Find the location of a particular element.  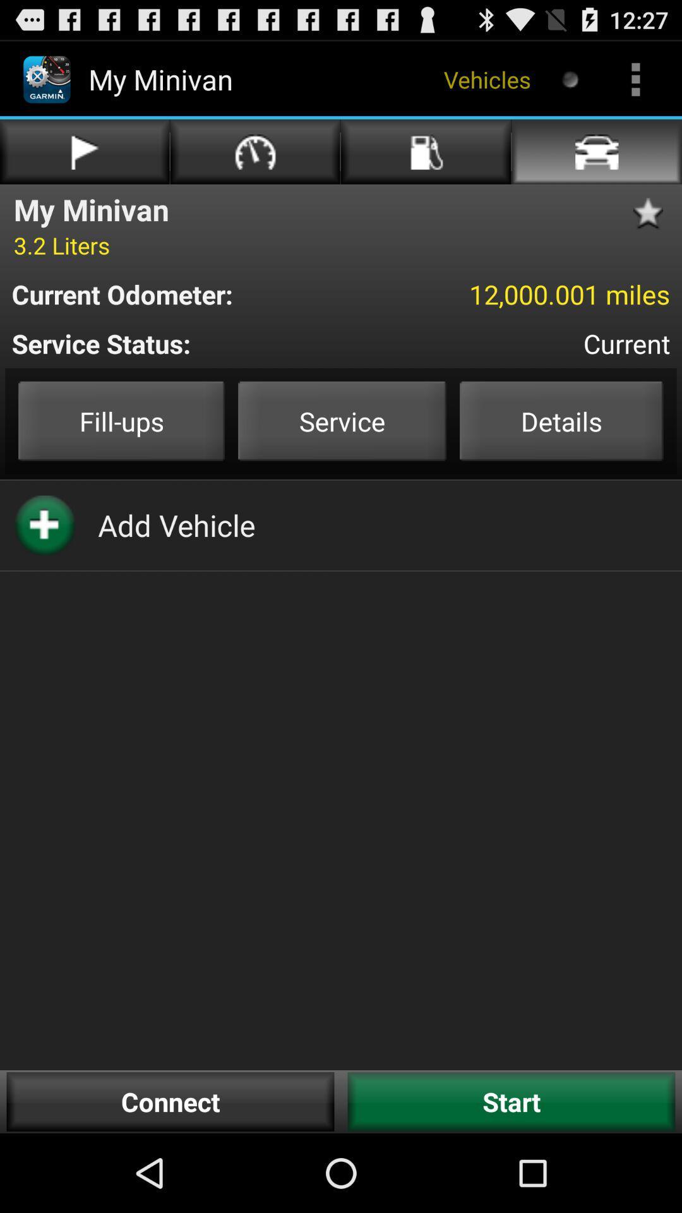

the button next to service is located at coordinates (561, 421).